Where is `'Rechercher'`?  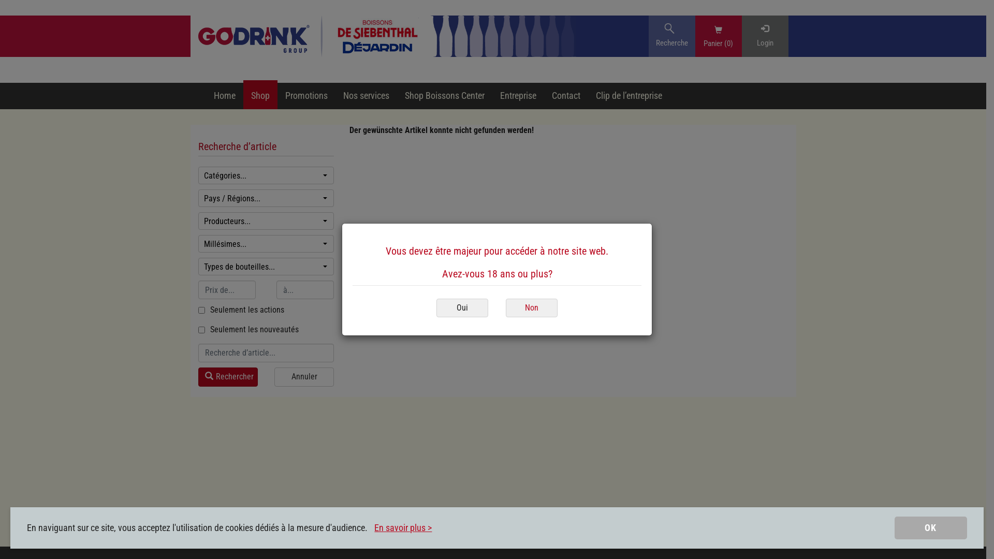 'Rechercher' is located at coordinates (227, 377).